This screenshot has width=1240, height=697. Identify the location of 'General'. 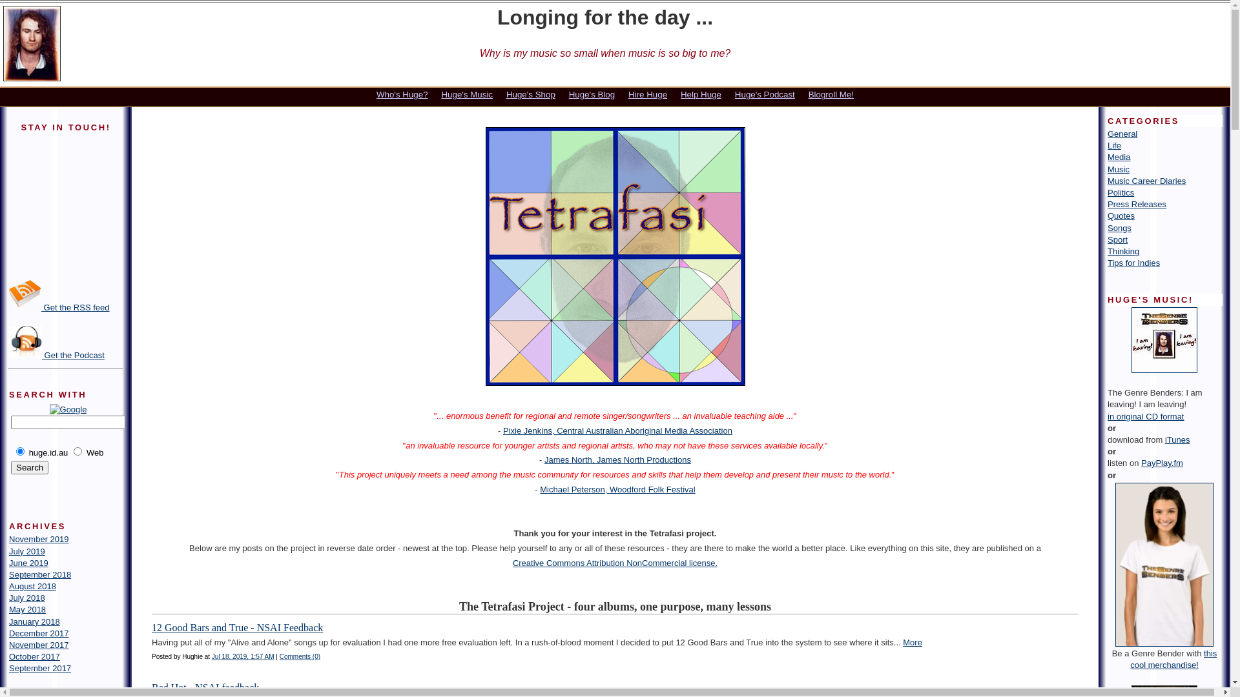
(1121, 134).